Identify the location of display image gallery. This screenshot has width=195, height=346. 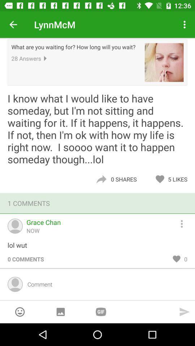
(60, 311).